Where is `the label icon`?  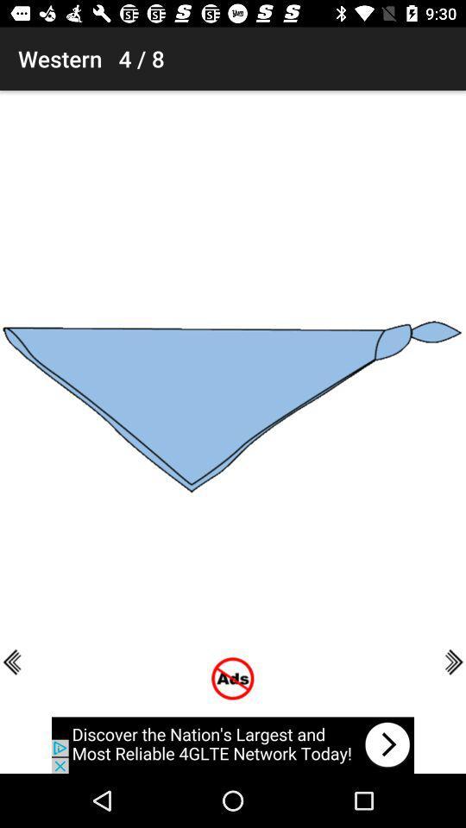 the label icon is located at coordinates (17, 18).